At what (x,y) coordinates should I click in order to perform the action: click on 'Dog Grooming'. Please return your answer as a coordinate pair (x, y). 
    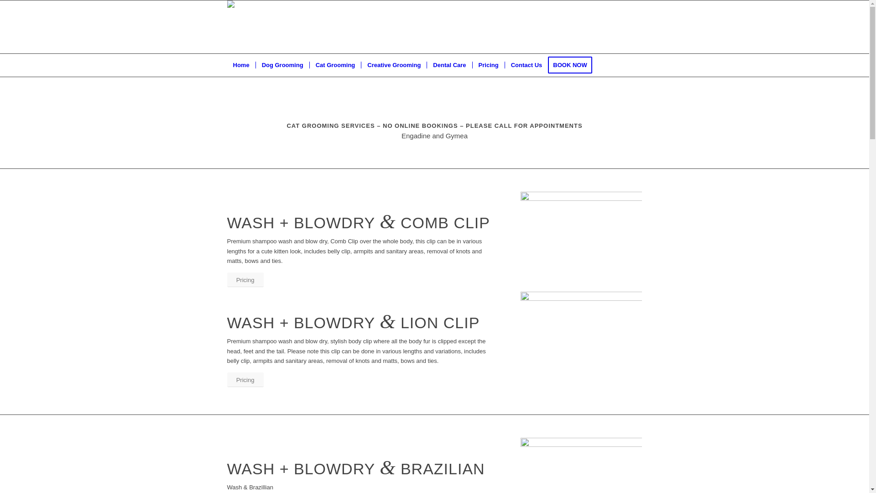
    Looking at the image, I should click on (282, 64).